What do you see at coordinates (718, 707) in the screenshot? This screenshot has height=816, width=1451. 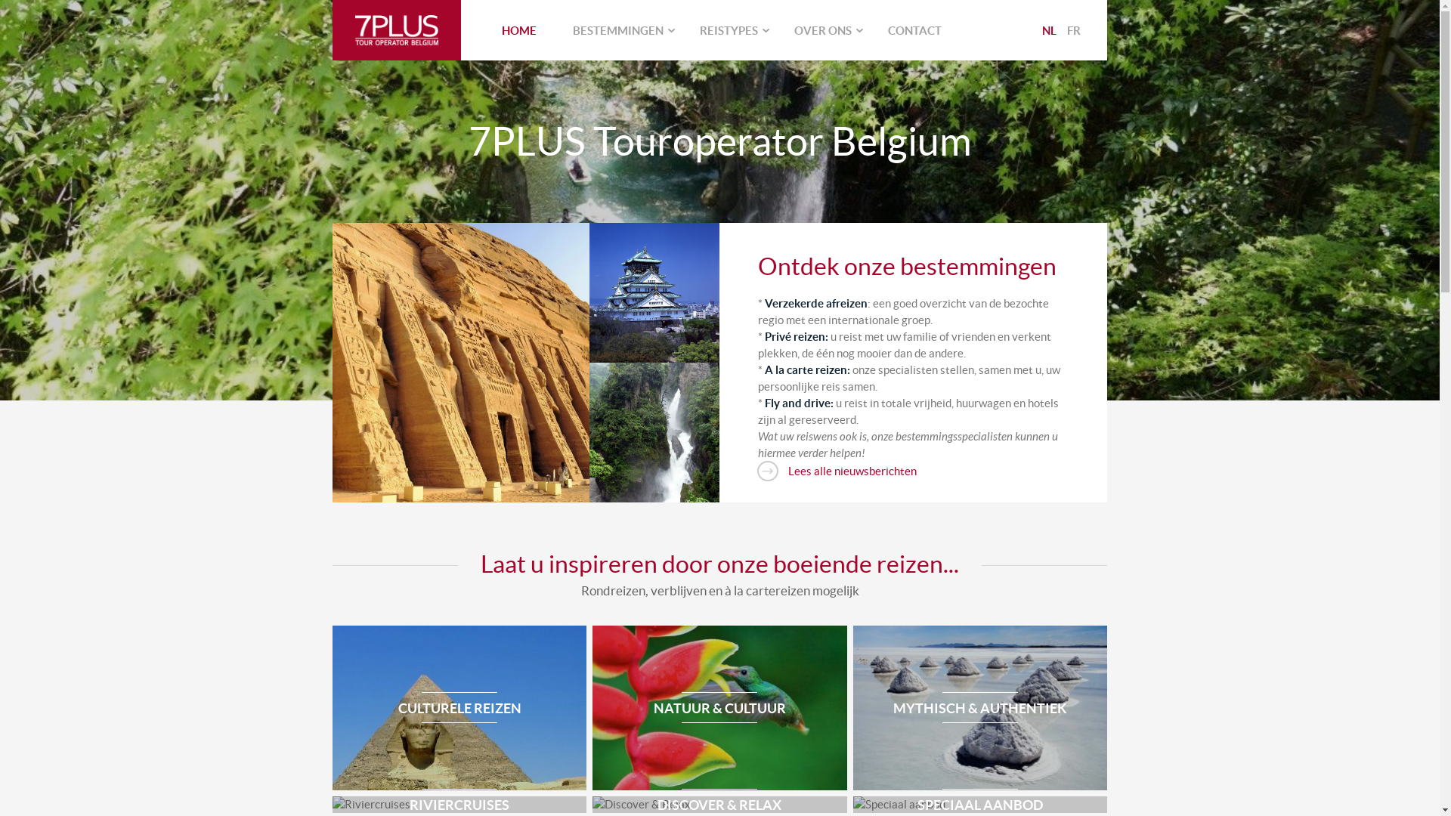 I see `'Natuur & Cultuur'` at bounding box center [718, 707].